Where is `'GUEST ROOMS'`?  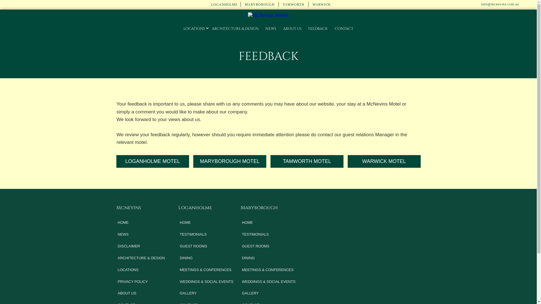 'GUEST ROOMS' is located at coordinates (241, 246).